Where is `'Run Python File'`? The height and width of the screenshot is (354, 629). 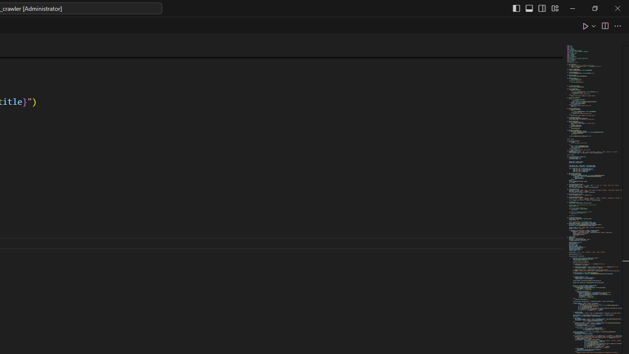 'Run Python File' is located at coordinates (586, 25).